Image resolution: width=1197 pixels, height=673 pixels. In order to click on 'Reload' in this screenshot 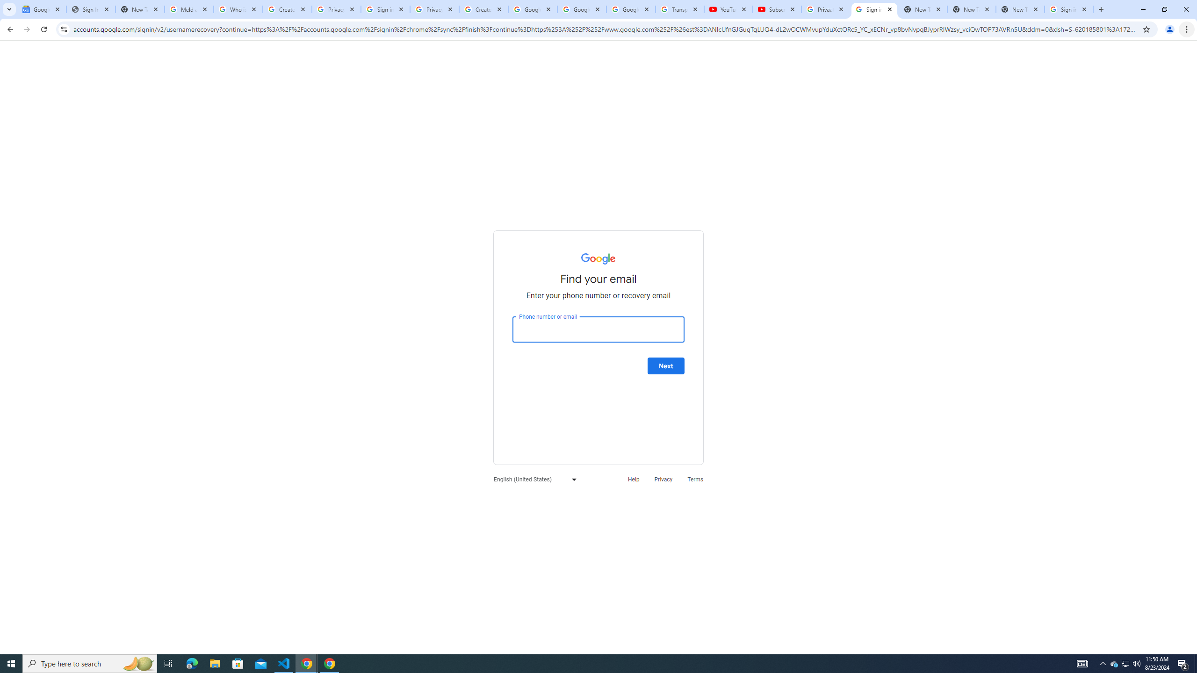, I will do `click(43, 29)`.